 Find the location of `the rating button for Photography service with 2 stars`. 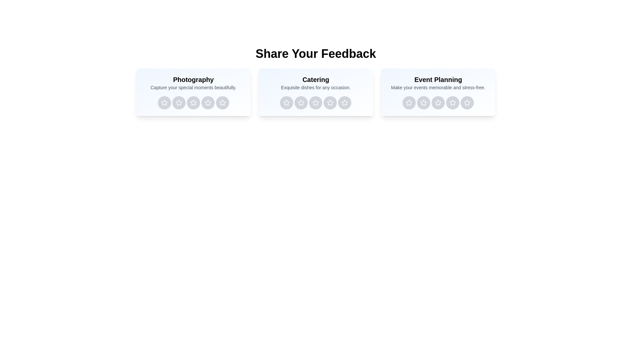

the rating button for Photography service with 2 stars is located at coordinates (179, 103).